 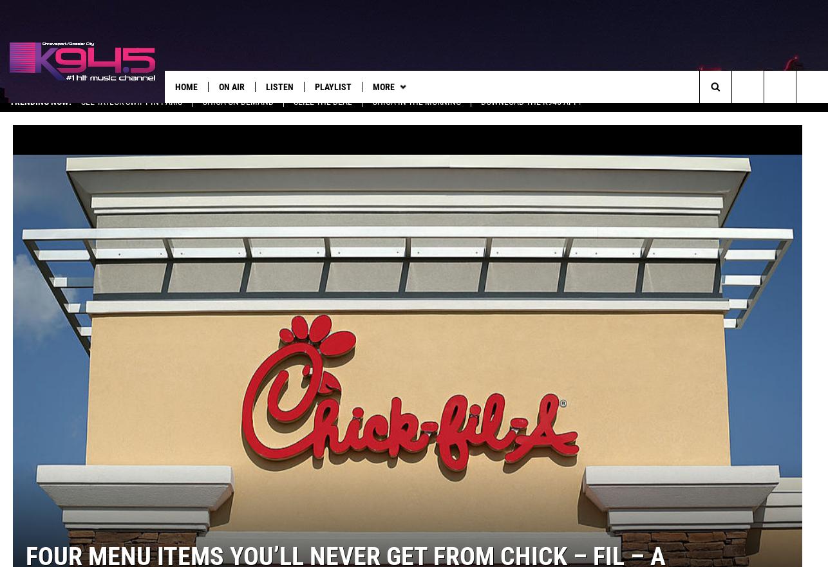 I want to click on 'Seize The Deal', so click(x=322, y=113).